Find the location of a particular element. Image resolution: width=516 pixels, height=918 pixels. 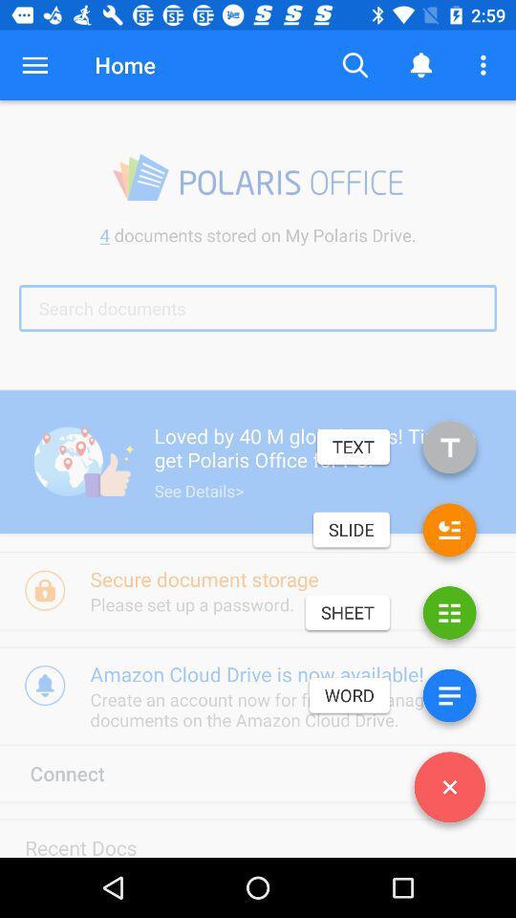

open word app is located at coordinates (449, 698).